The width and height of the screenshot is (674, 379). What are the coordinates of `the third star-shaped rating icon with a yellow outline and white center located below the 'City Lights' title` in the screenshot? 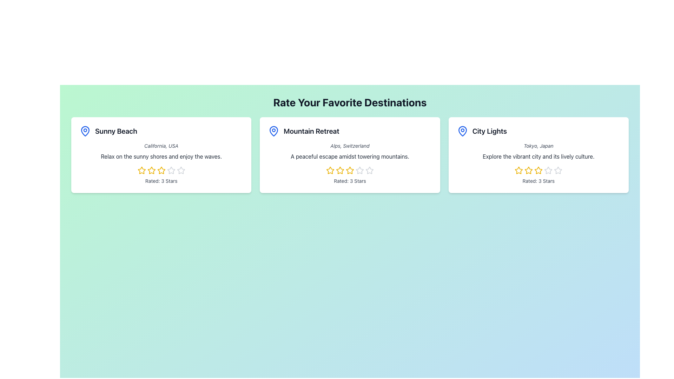 It's located at (538, 170).